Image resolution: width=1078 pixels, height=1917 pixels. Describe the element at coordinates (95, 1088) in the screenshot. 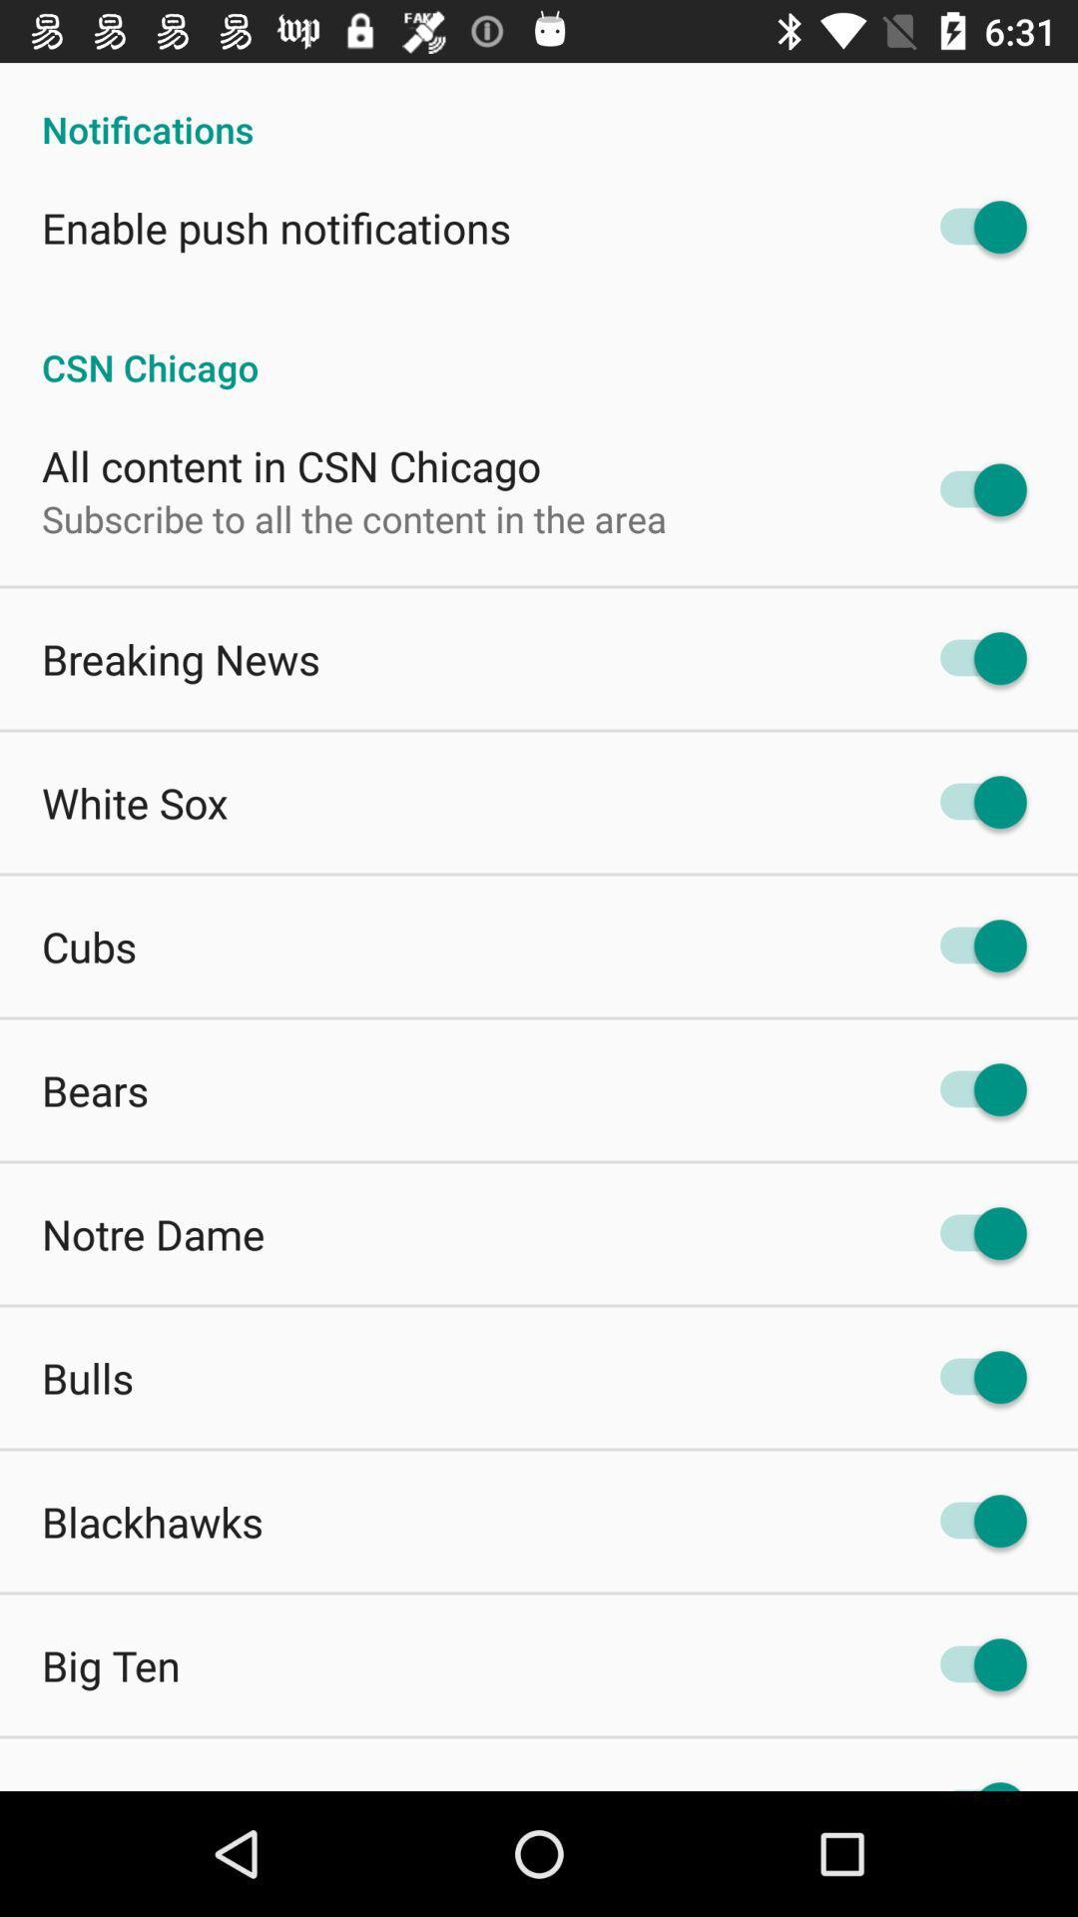

I see `bears app` at that location.